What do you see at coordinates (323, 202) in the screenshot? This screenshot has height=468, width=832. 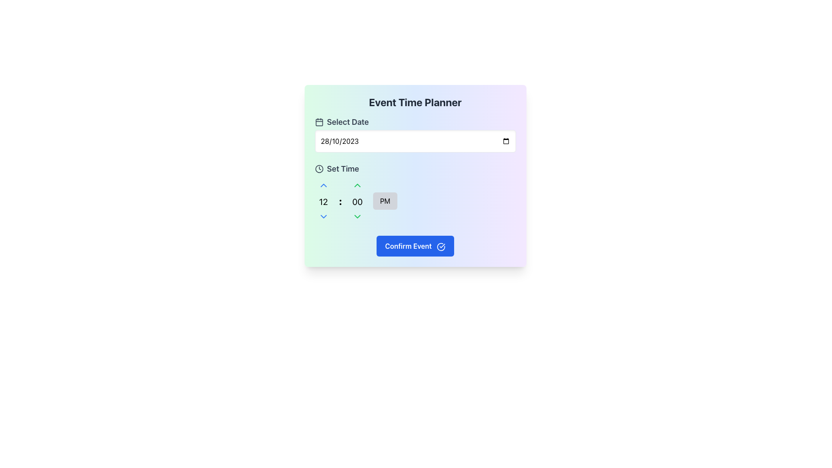 I see `the text display showing the number '12' in a large, bold font, positioned between the upward and downward arrow icons in the time selection interface` at bounding box center [323, 202].